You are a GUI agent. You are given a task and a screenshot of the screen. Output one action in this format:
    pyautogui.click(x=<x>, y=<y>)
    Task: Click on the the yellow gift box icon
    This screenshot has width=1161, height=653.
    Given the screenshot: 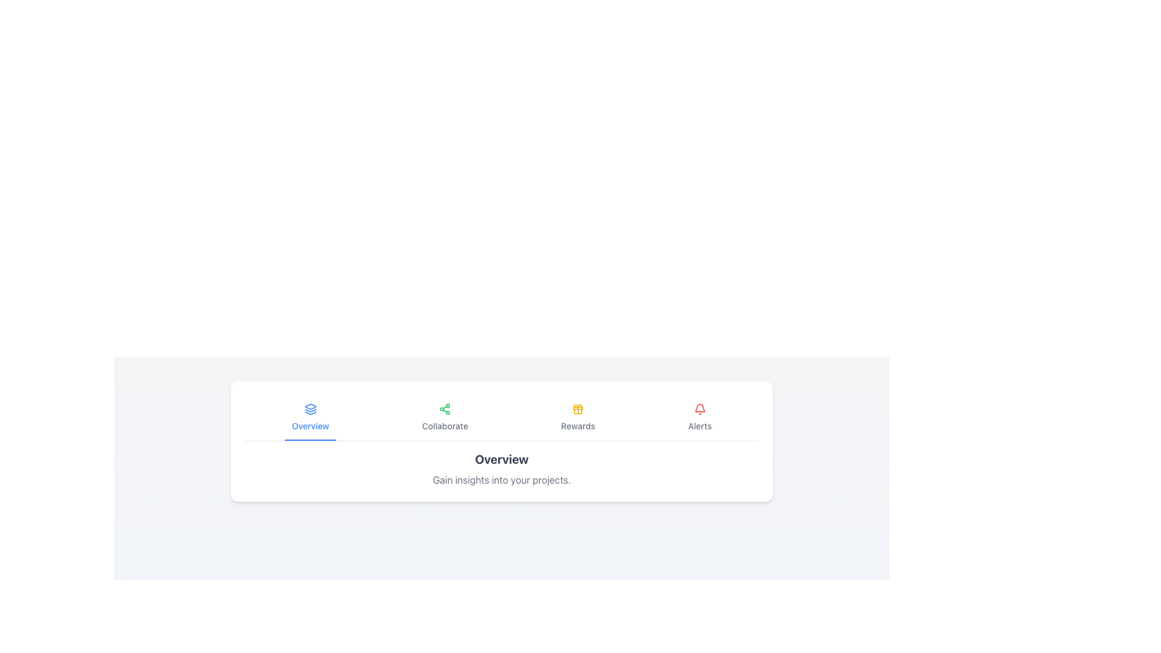 What is the action you would take?
    pyautogui.click(x=577, y=409)
    